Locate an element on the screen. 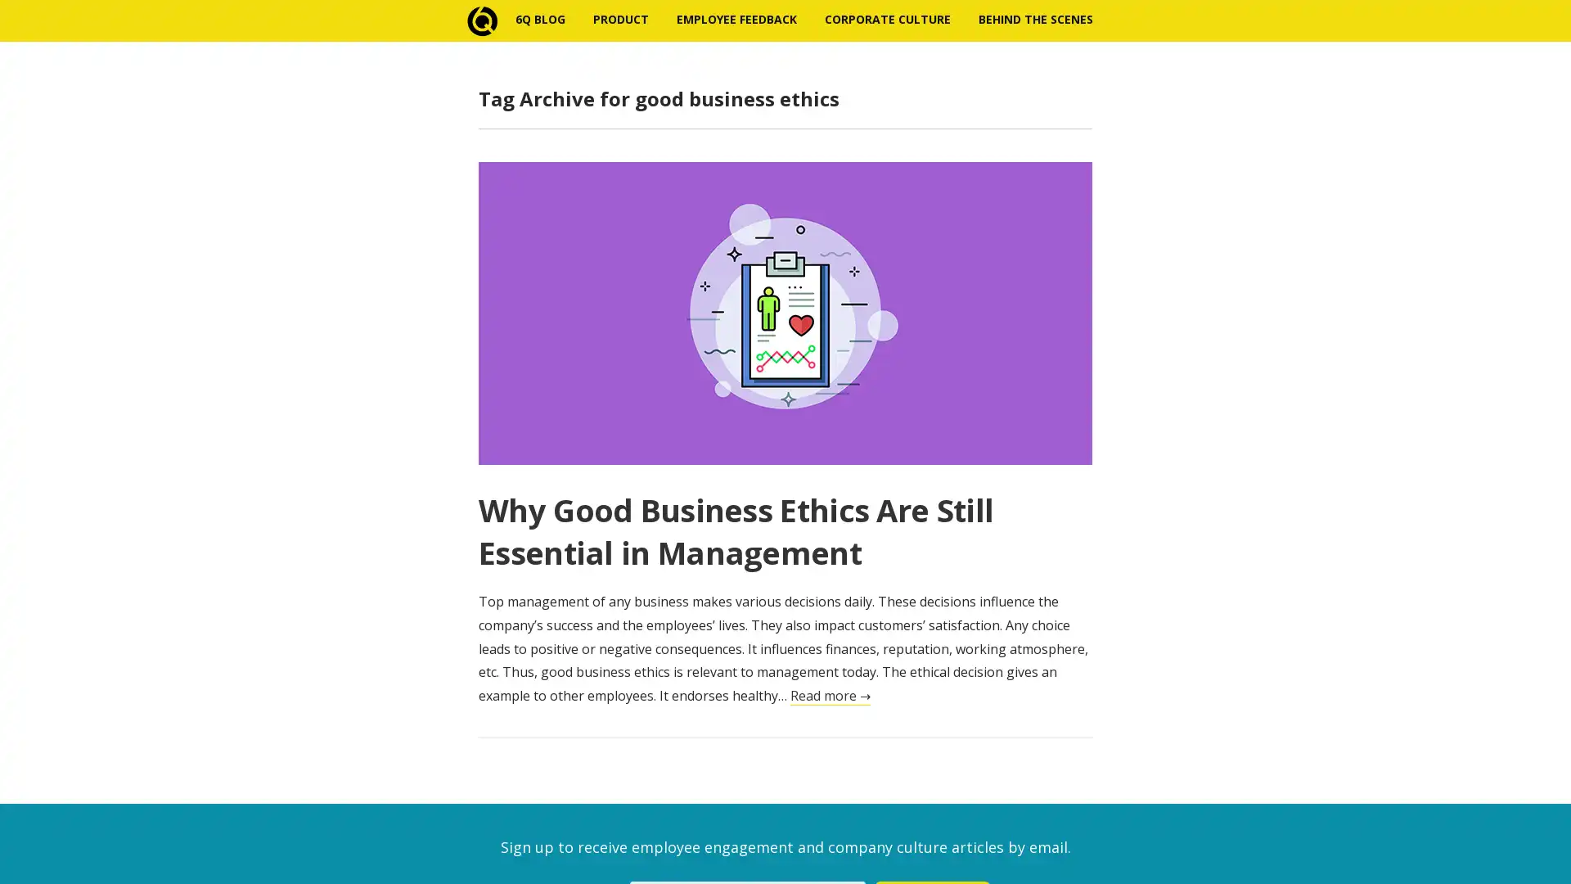 This screenshot has height=884, width=1571. Subscribe is located at coordinates (966, 860).